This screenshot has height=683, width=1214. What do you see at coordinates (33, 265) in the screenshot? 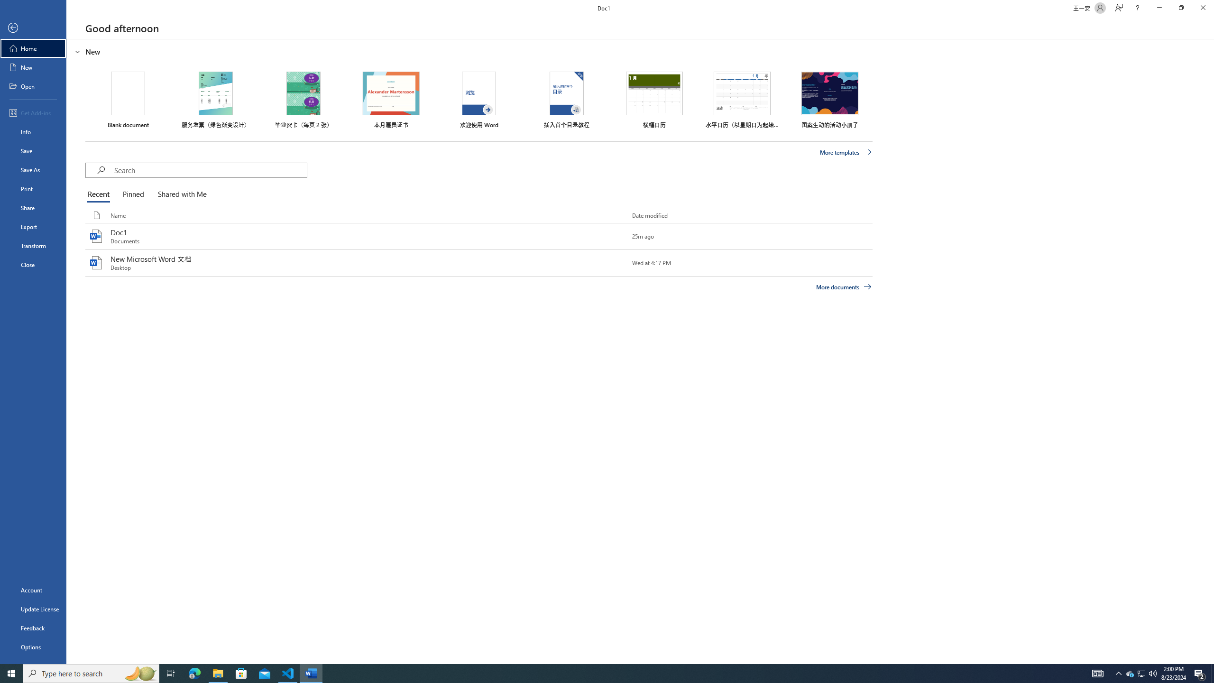
I see `'Close'` at bounding box center [33, 265].